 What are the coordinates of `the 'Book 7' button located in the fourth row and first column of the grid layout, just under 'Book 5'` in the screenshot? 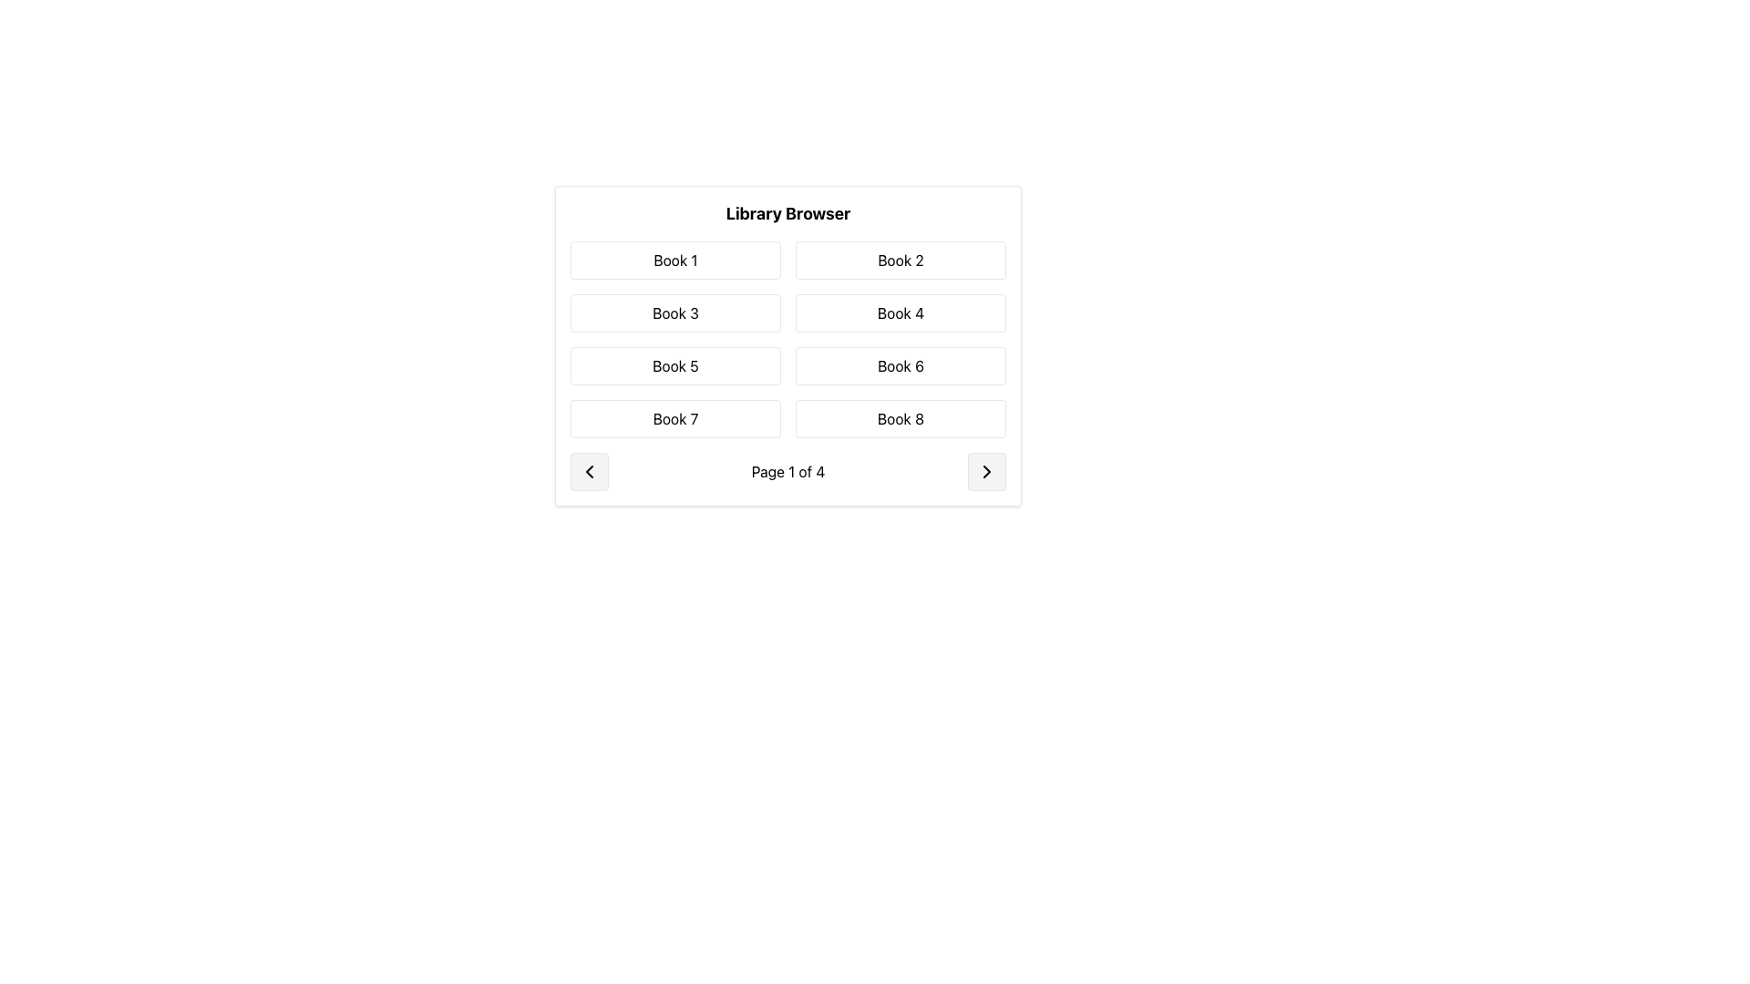 It's located at (674, 418).